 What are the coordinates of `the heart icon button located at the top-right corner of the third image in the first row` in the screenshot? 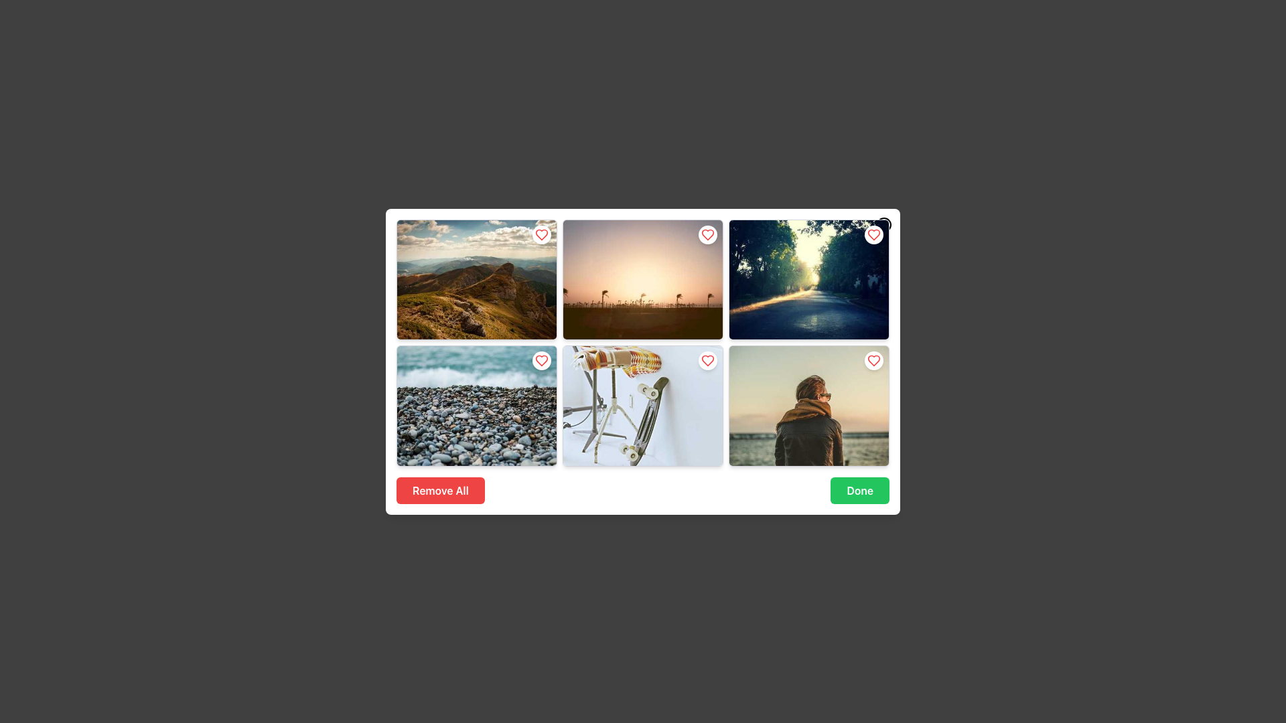 It's located at (874, 234).